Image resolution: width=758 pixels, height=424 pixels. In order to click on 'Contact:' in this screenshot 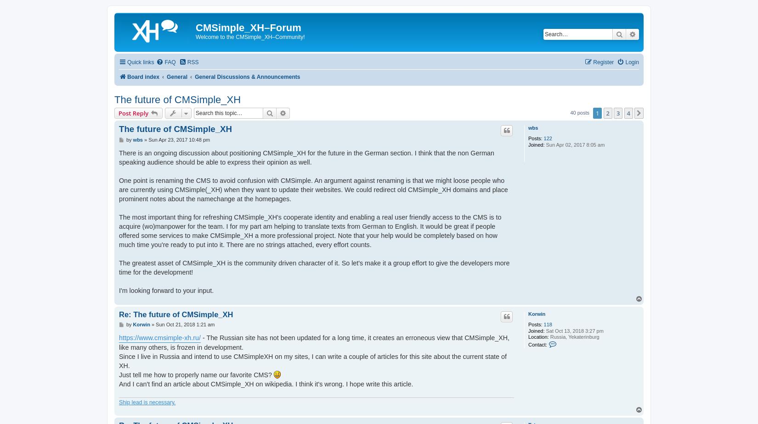, I will do `click(528, 345)`.